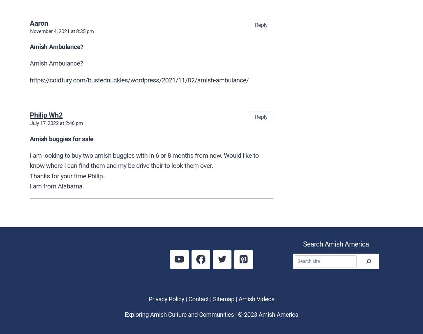  What do you see at coordinates (188, 298) in the screenshot?
I see `'Contact'` at bounding box center [188, 298].